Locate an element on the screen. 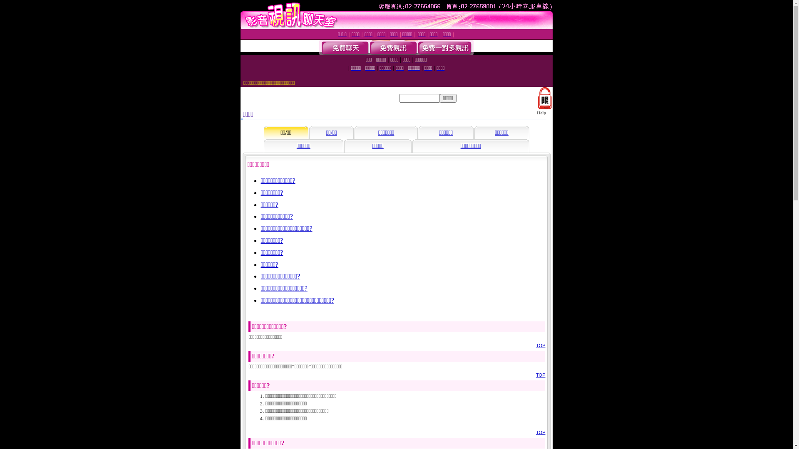 Image resolution: width=799 pixels, height=449 pixels. 'TOP' is located at coordinates (541, 375).